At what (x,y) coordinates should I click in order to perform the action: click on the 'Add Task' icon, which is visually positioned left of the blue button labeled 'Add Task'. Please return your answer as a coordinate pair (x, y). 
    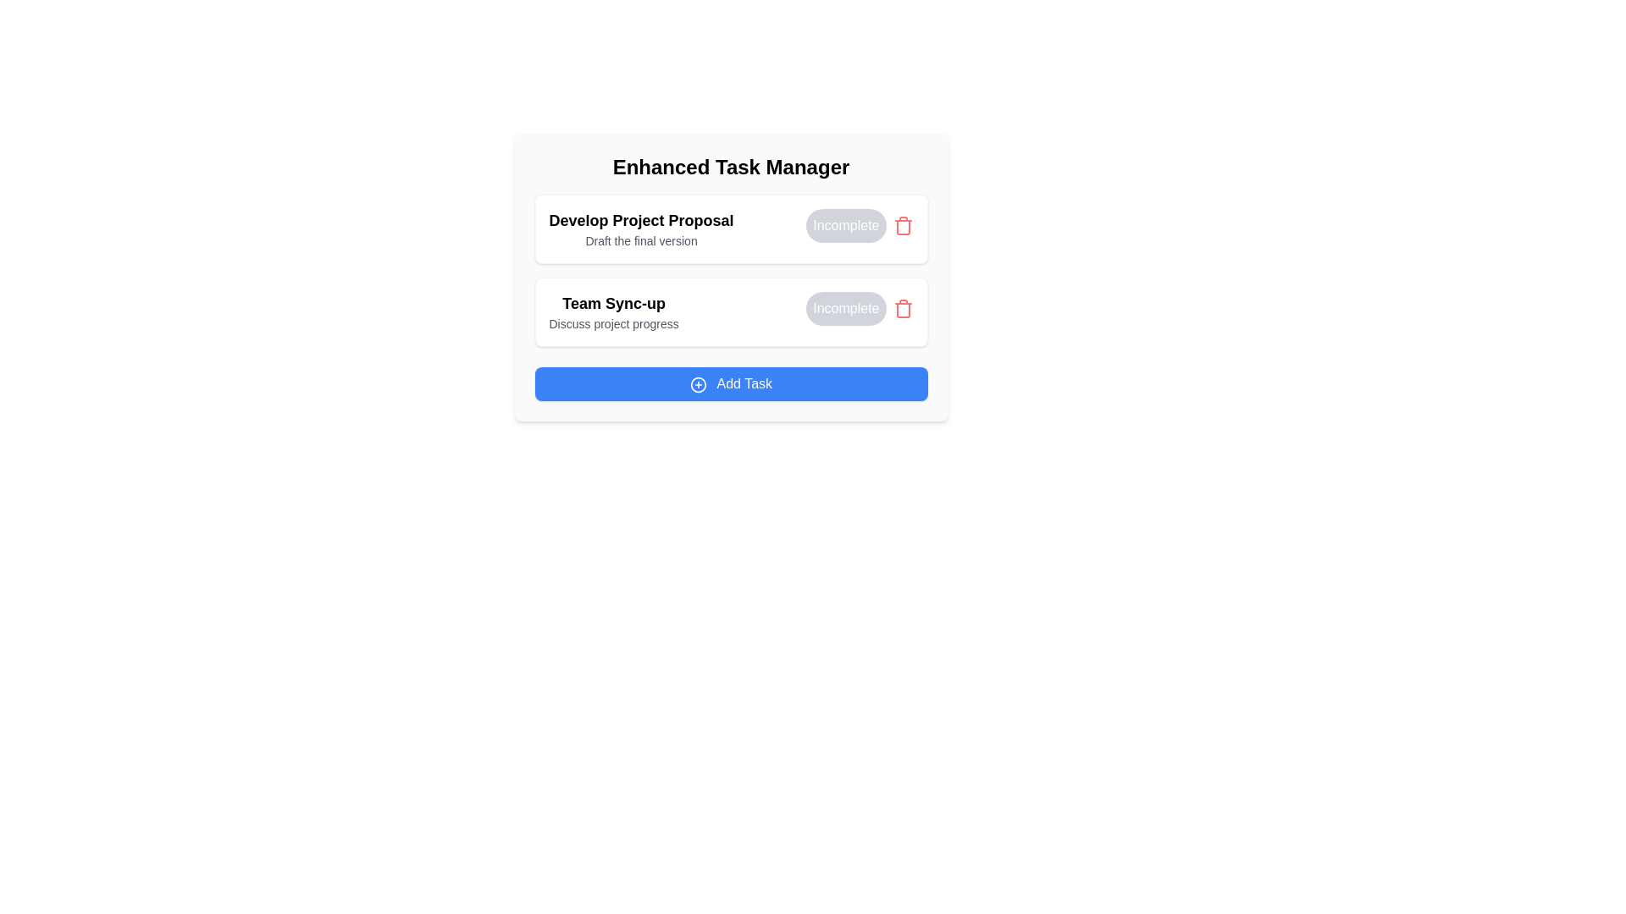
    Looking at the image, I should click on (699, 384).